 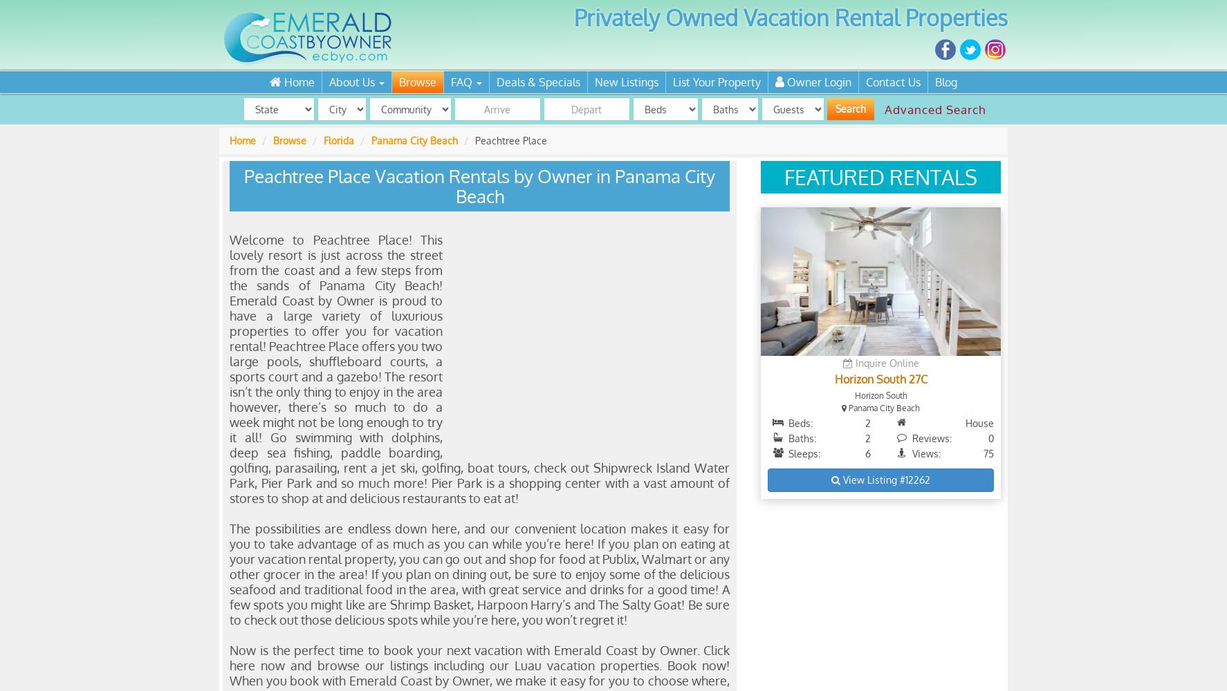 I want to click on 'Contact Us', so click(x=892, y=82).